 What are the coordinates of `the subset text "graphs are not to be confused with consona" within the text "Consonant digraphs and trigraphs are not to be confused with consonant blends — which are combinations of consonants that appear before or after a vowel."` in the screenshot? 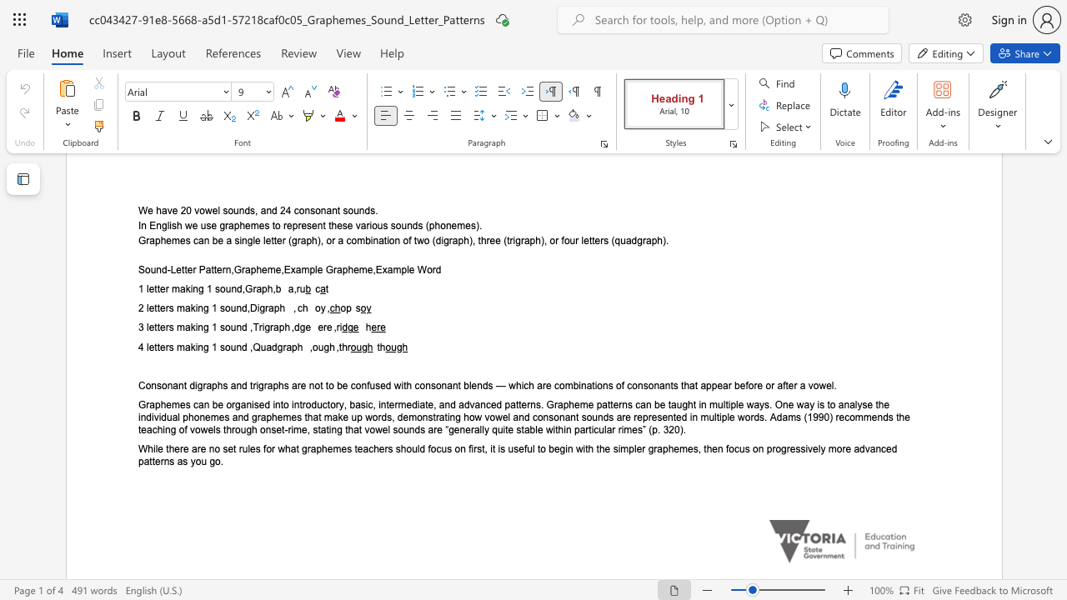 It's located at (258, 385).